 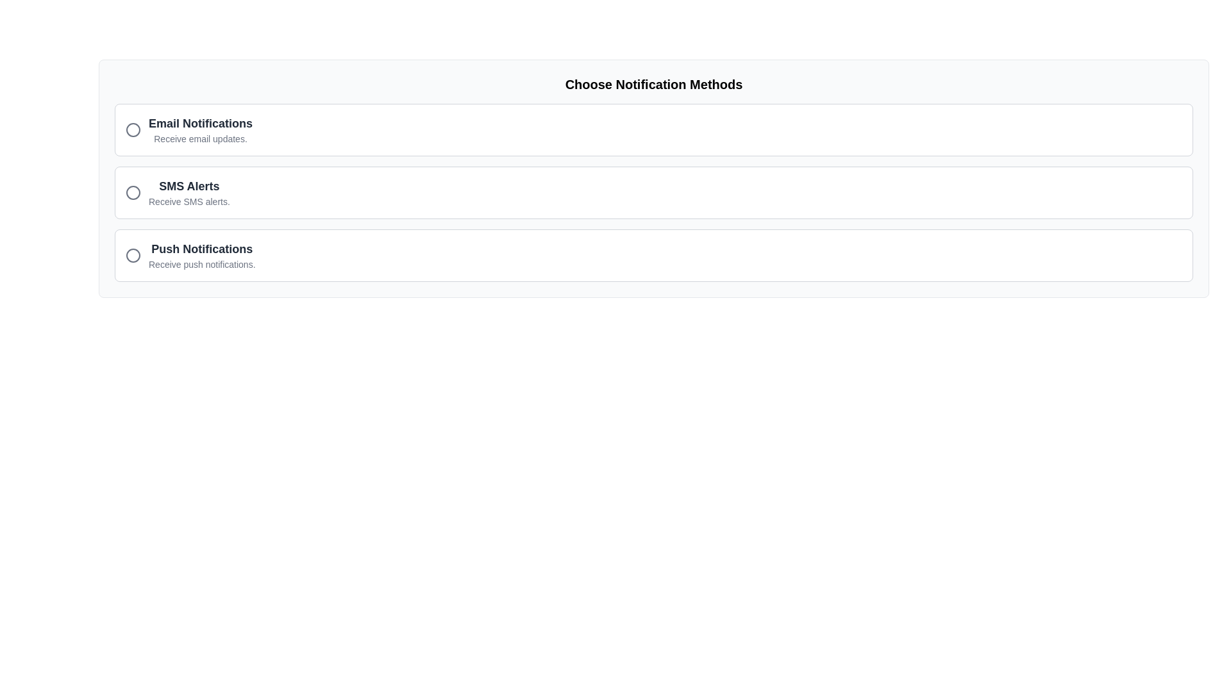 I want to click on the circular radio button indicator for 'SMS Alerts' to trigger any available hover effects, so click(x=133, y=192).